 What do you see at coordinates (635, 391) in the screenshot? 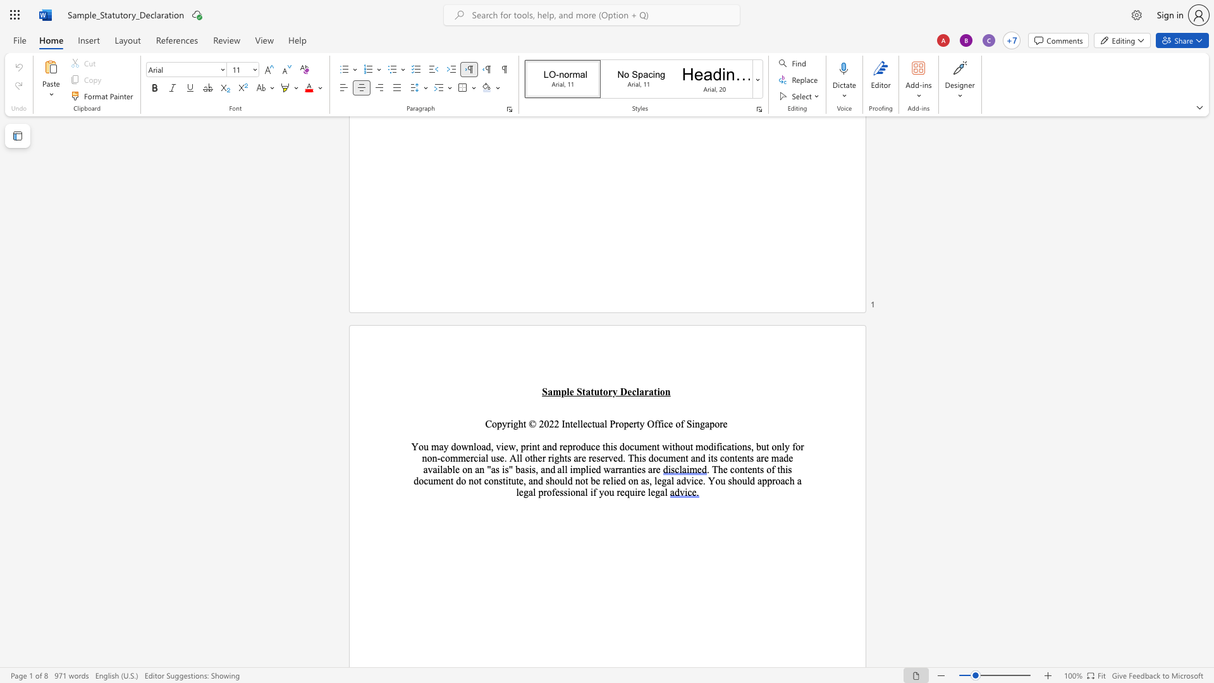
I see `the space between the continuous character "c" and "l" in the text` at bounding box center [635, 391].